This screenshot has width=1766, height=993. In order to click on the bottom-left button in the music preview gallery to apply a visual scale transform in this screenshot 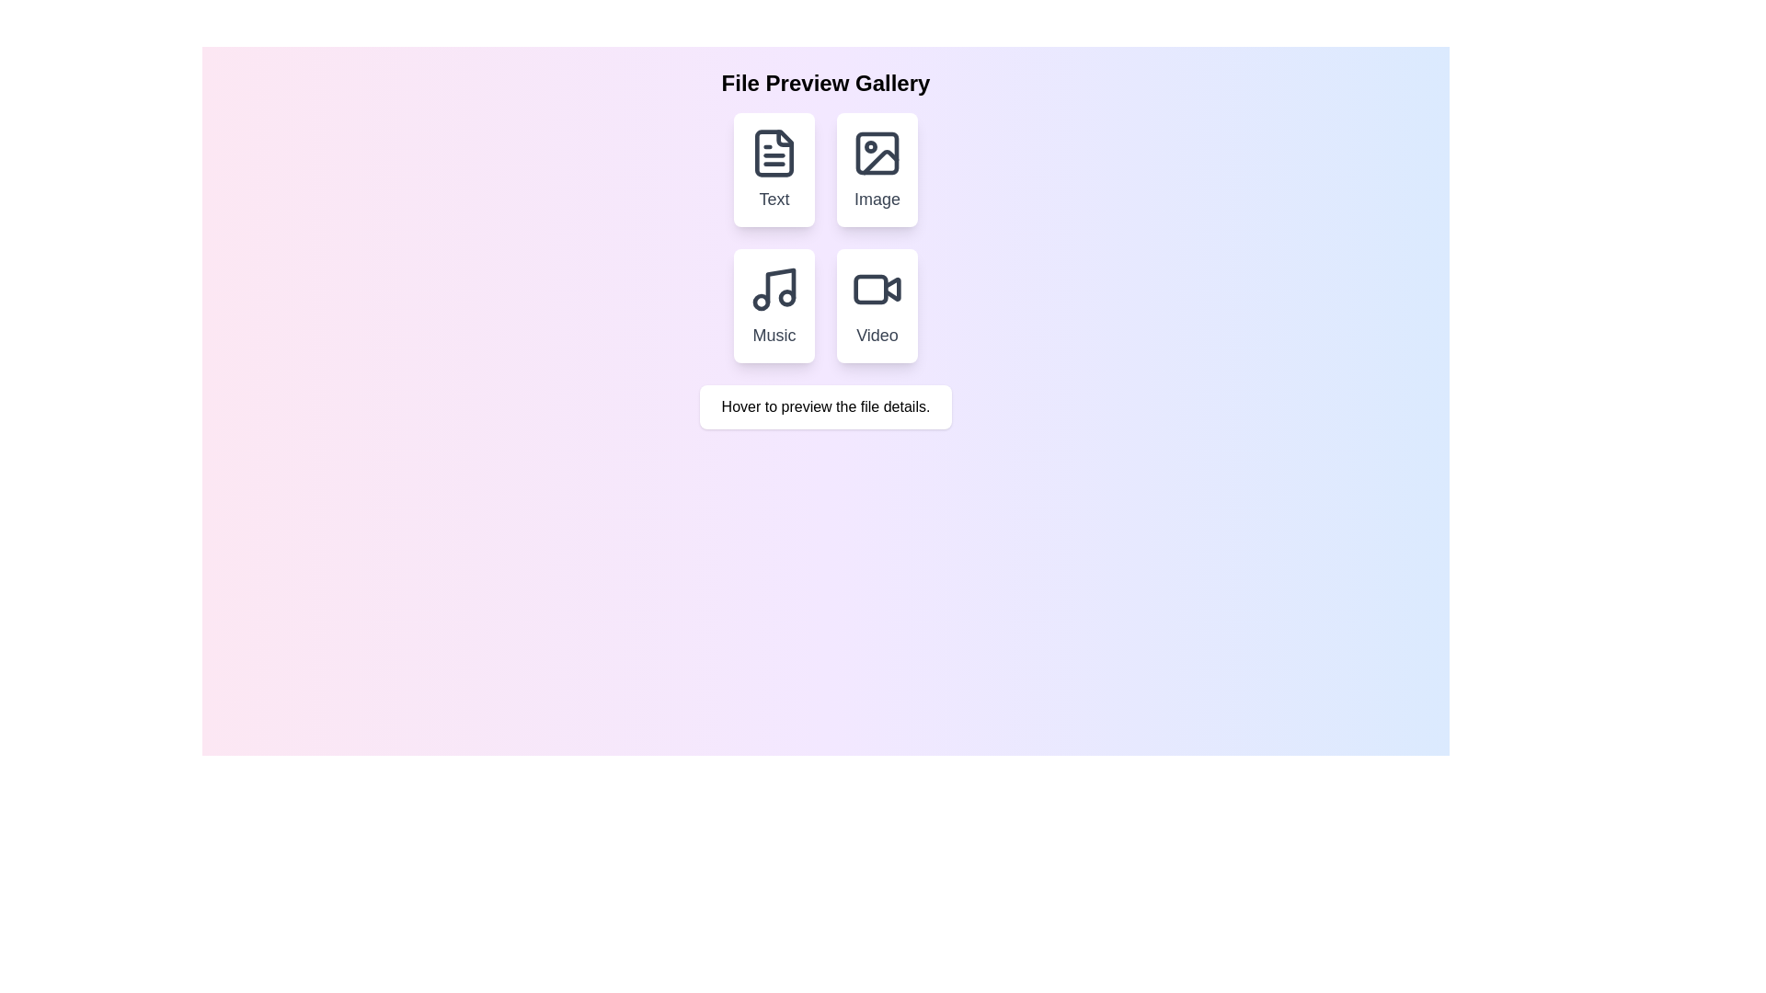, I will do `click(774, 304)`.